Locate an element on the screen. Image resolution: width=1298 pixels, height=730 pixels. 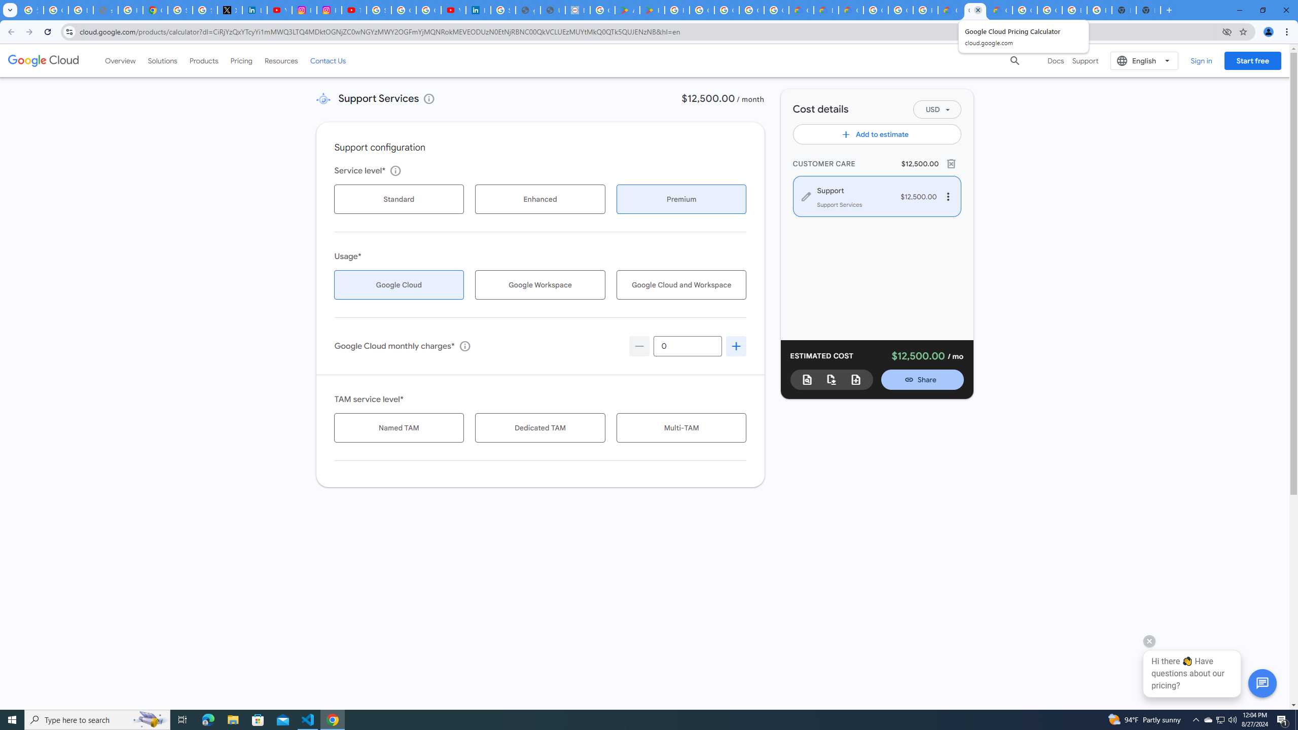
'Pricing' is located at coordinates (241, 60).